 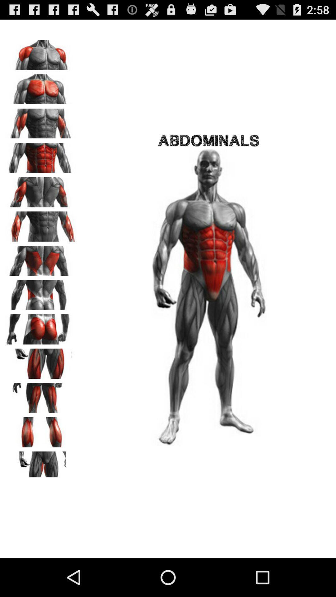 I want to click on swithc muscle group, so click(x=41, y=327).